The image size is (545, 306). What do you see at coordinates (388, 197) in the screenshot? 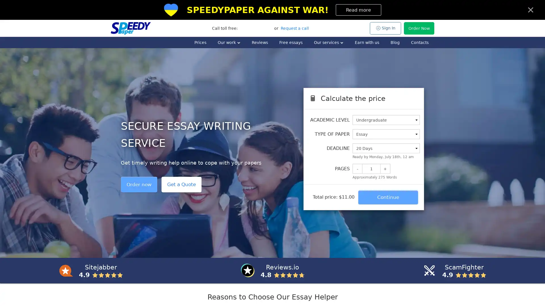
I see `Continue` at bounding box center [388, 197].